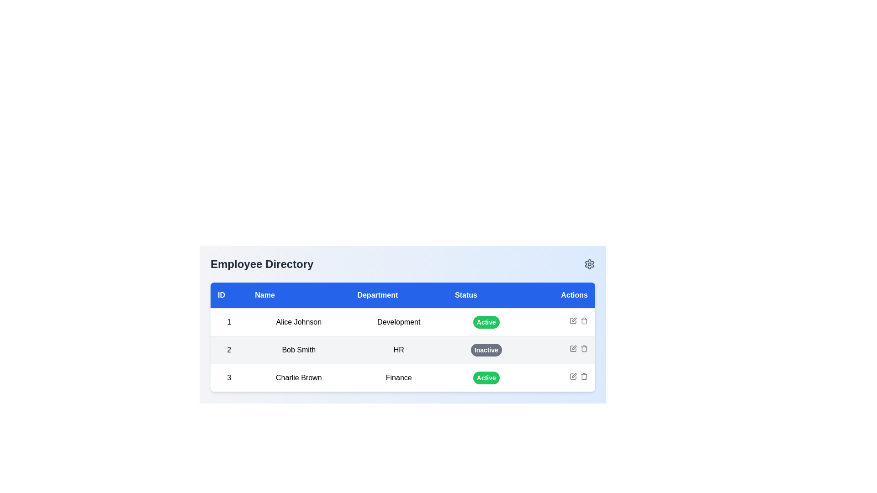  Describe the element at coordinates (583, 321) in the screenshot. I see `the delete action icon located in the 'Actions' column of the second row in the table` at that location.